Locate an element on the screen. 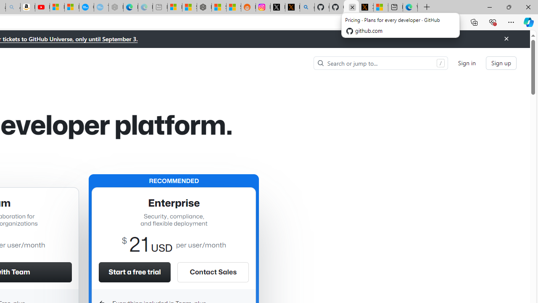  'help.x.com | 524: A timeout occurred' is located at coordinates (292, 7).